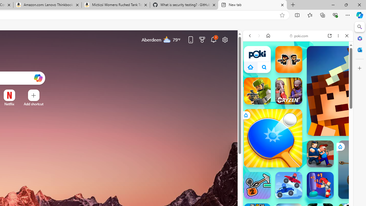 This screenshot has height=206, width=366. Describe the element at coordinates (289, 60) in the screenshot. I see `'Zombie Rush'` at that location.